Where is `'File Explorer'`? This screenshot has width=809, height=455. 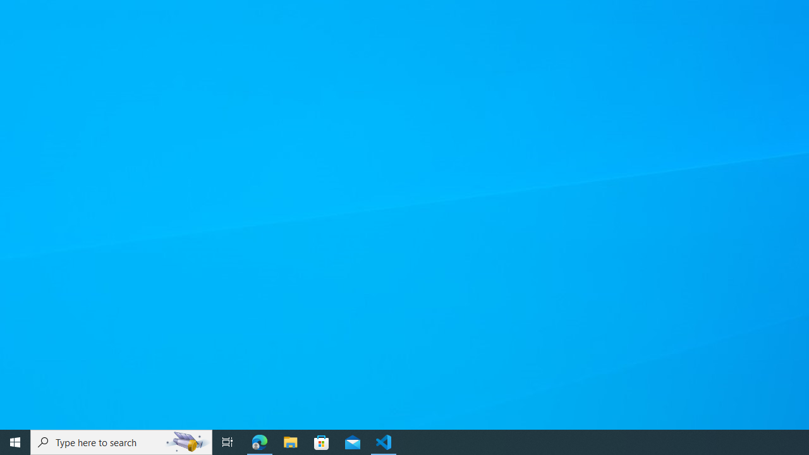 'File Explorer' is located at coordinates (290, 441).